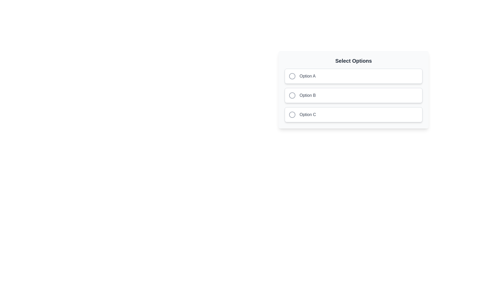 The image size is (501, 281). What do you see at coordinates (308, 114) in the screenshot?
I see `the Text Label that represents the third option in a vertical list, located beneath 'Option B' and aligned horizontally to the right of a circular indicator` at bounding box center [308, 114].